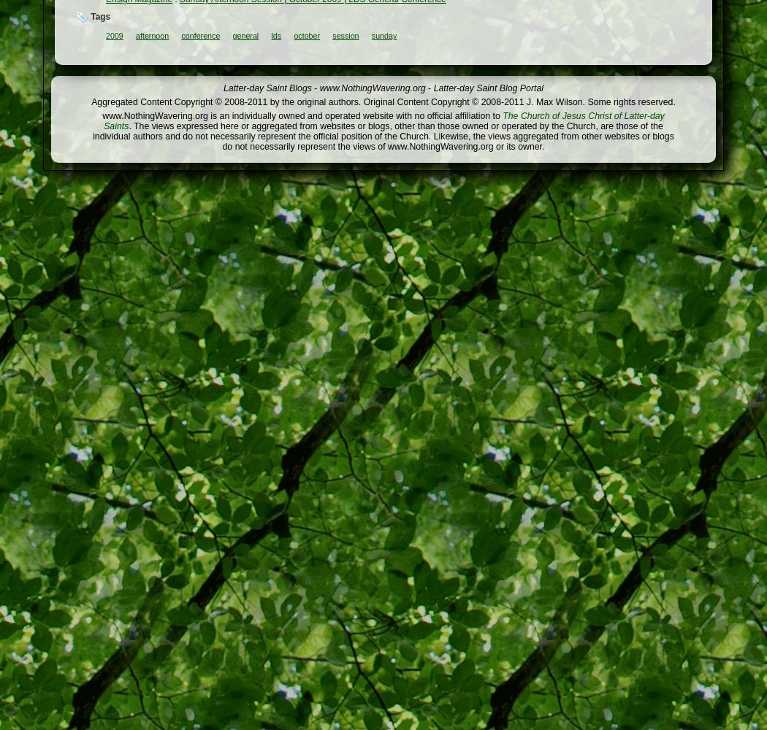 Image resolution: width=767 pixels, height=730 pixels. I want to click on 'afternoon', so click(151, 36).